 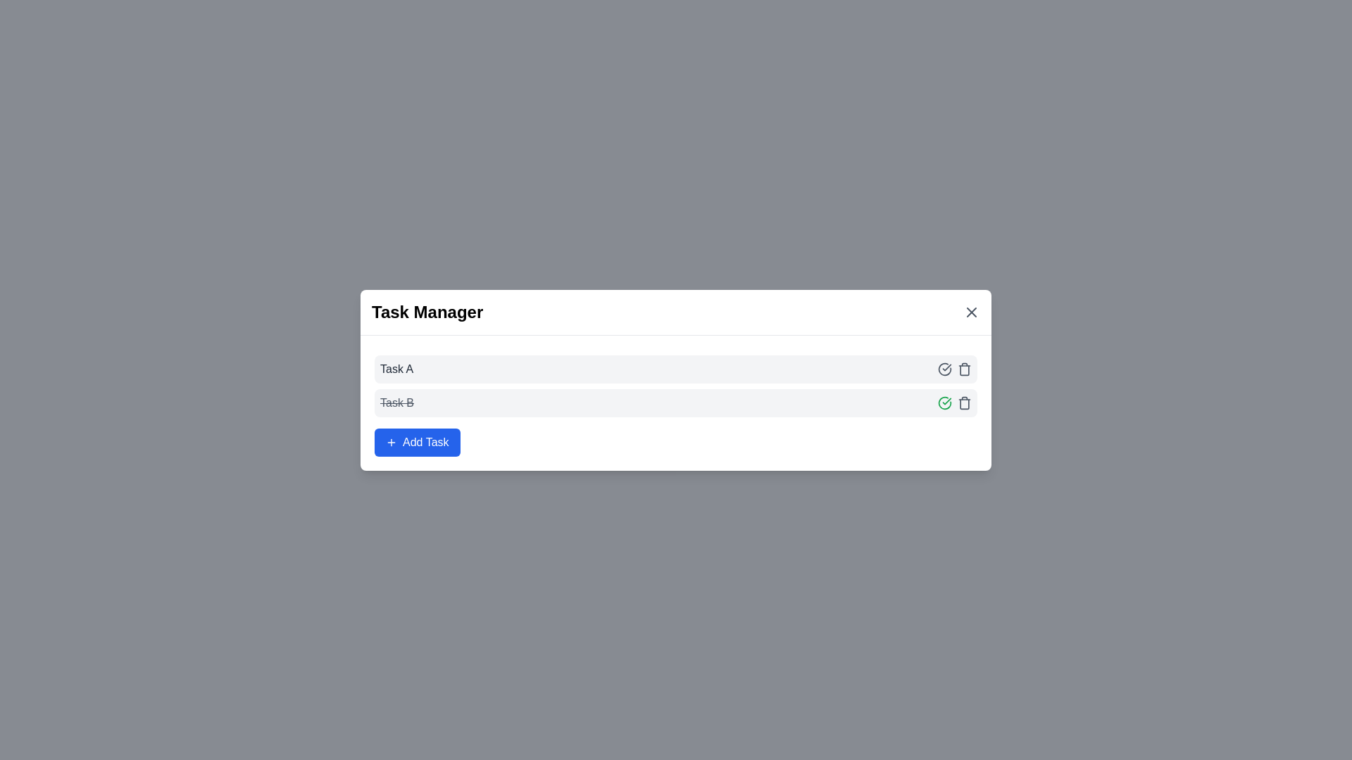 I want to click on the close button located at the top right corner of the task manager dialog box to change its icon color, so click(x=971, y=311).